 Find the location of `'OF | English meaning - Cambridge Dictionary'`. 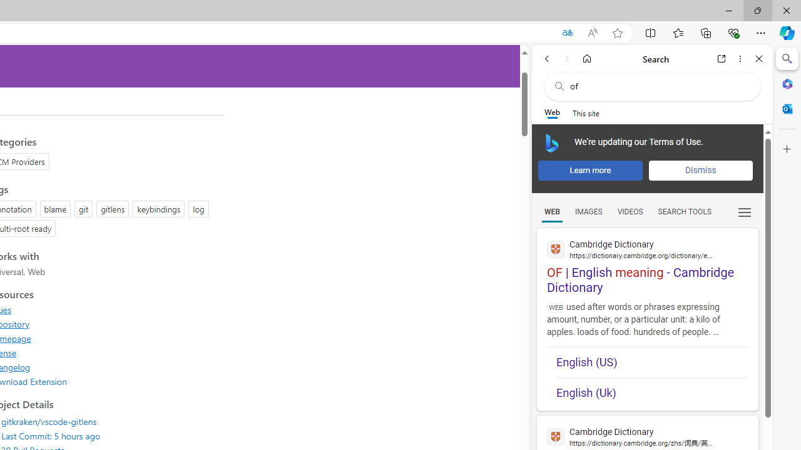

'OF | English meaning - Cambridge Dictionary' is located at coordinates (647, 261).